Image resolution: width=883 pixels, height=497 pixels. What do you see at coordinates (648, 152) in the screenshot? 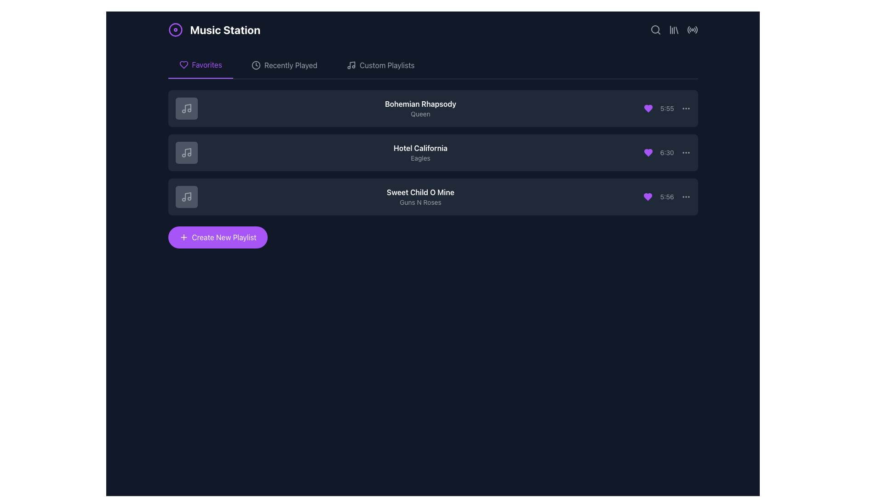
I see `the purple heart icon to trigger a tooltip` at bounding box center [648, 152].